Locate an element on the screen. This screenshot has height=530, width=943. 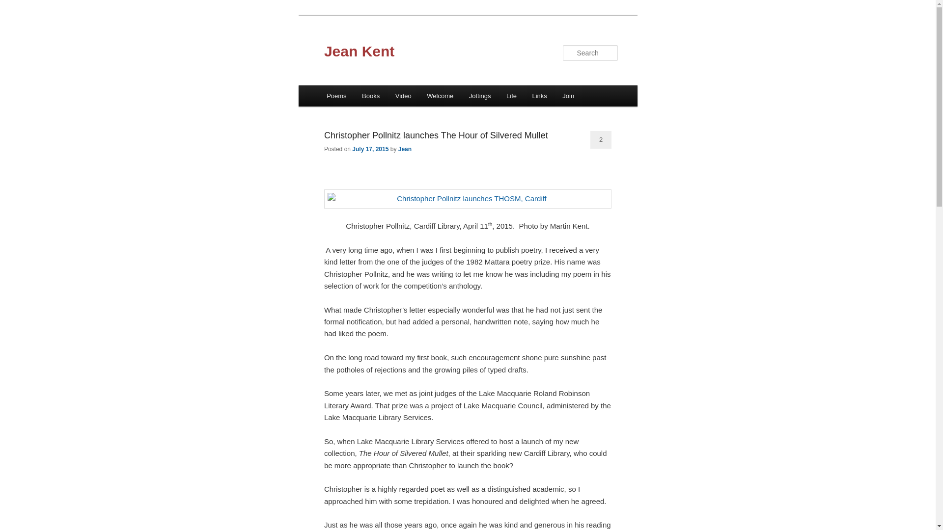
'Search' is located at coordinates (16, 5).